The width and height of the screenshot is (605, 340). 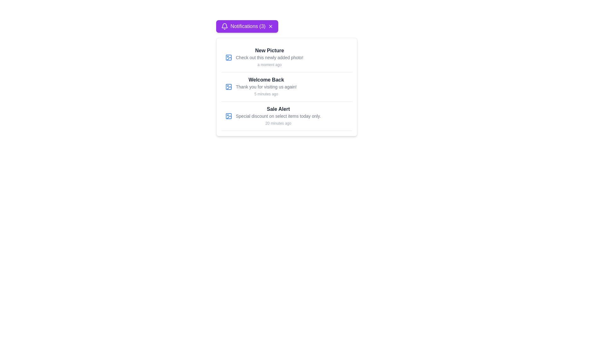 What do you see at coordinates (228, 87) in the screenshot?
I see `the vector graphic component that represents an image icon within the 'Welcome Back' notification entry, which is the second item in the notifications list` at bounding box center [228, 87].